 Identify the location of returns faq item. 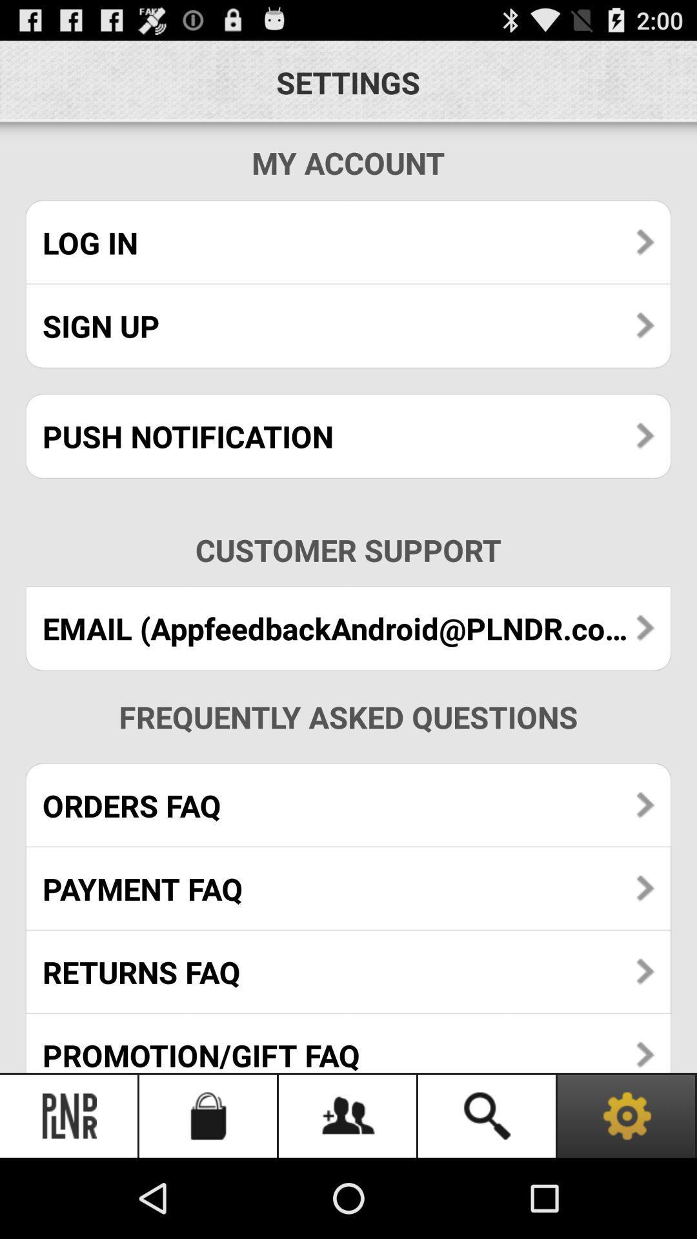
(348, 972).